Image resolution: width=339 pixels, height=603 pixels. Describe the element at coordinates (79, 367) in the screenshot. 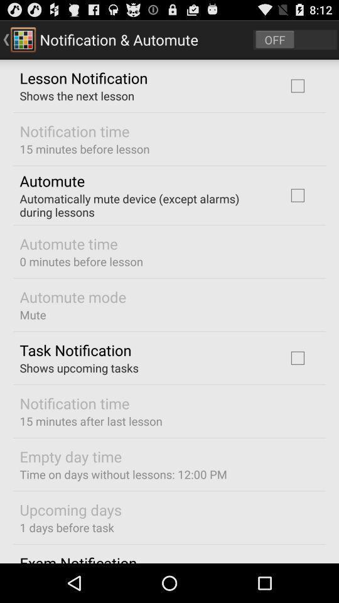

I see `icon above notification time item` at that location.